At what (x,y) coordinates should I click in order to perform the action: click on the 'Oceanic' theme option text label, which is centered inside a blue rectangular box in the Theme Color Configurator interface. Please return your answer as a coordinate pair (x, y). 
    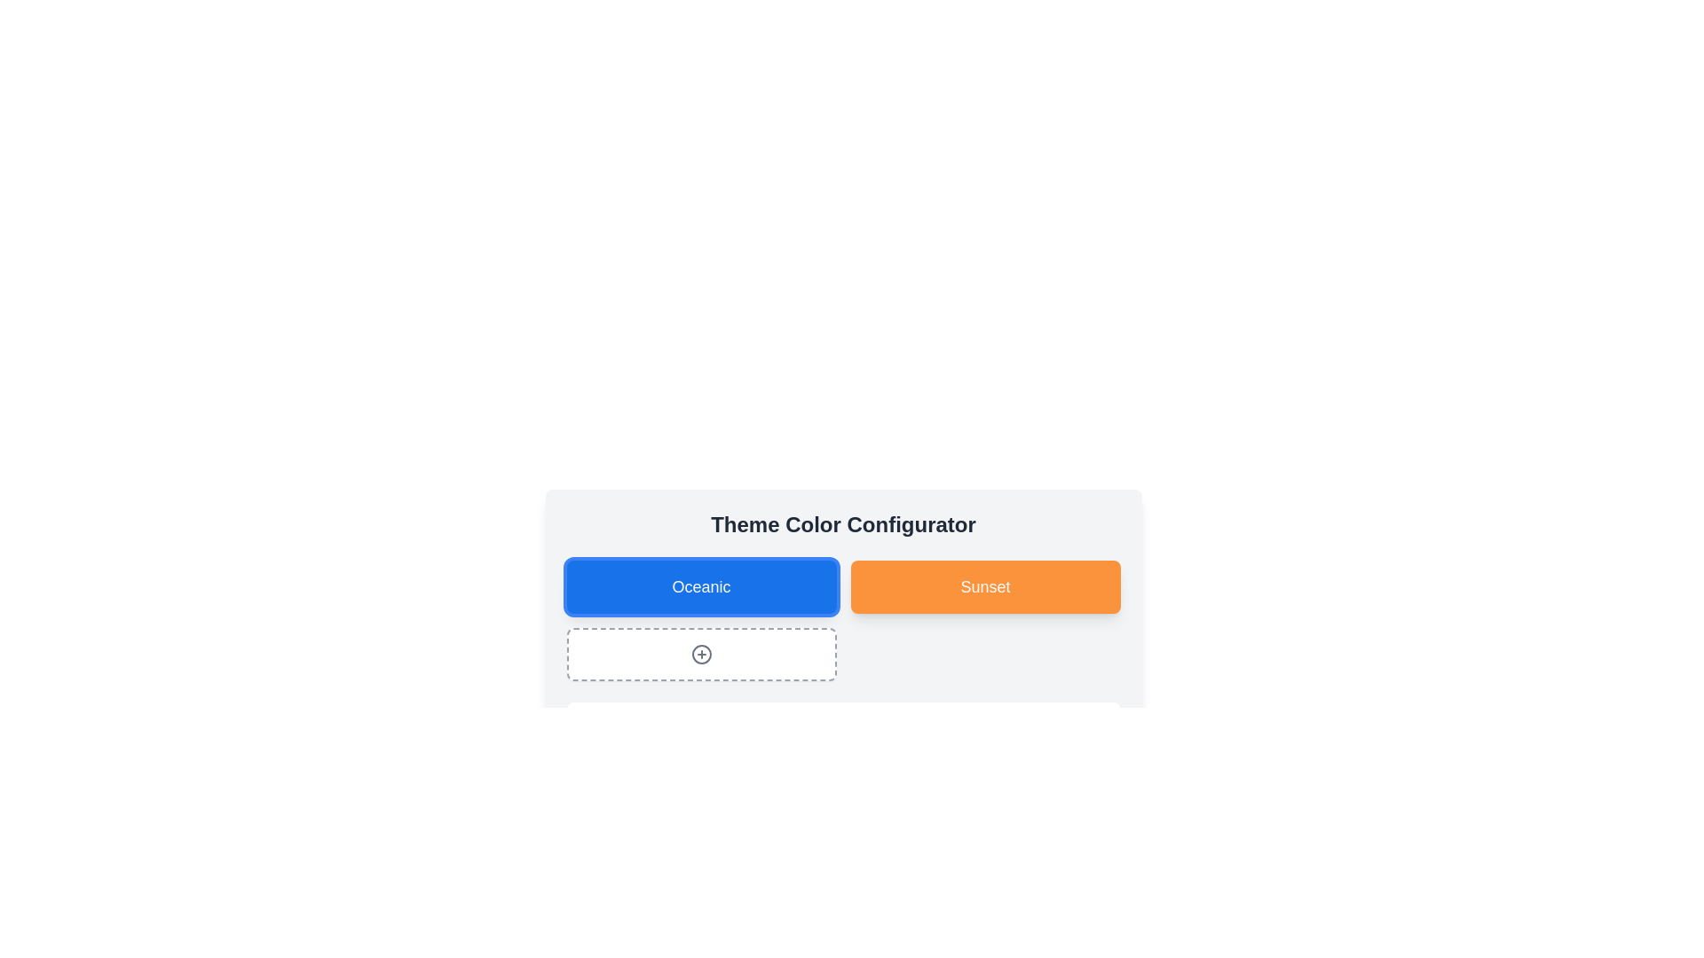
    Looking at the image, I should click on (700, 587).